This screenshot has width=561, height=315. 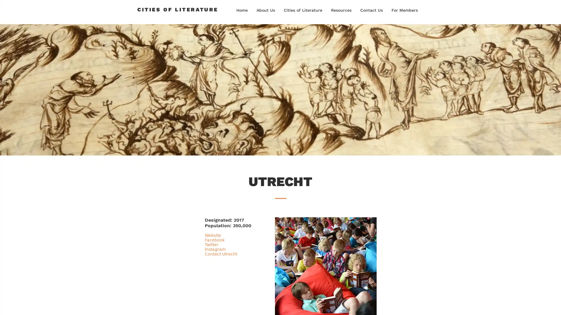 What do you see at coordinates (535, 304) in the screenshot?
I see `Accept` at bounding box center [535, 304].